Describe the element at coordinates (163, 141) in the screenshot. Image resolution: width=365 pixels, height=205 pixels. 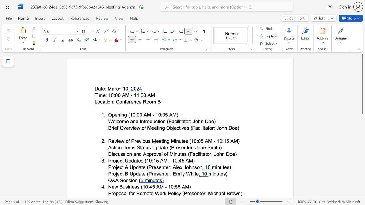
I see `the 3th character "i" in the text` at that location.